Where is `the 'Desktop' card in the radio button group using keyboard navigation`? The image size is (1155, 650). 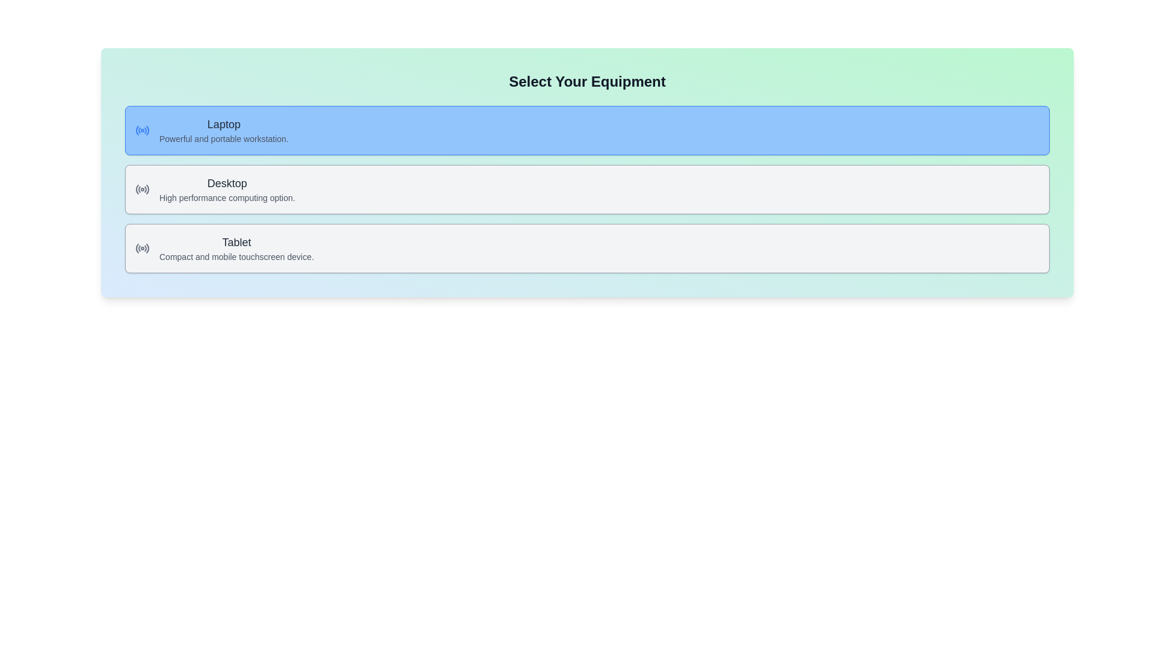 the 'Desktop' card in the radio button group using keyboard navigation is located at coordinates (587, 190).